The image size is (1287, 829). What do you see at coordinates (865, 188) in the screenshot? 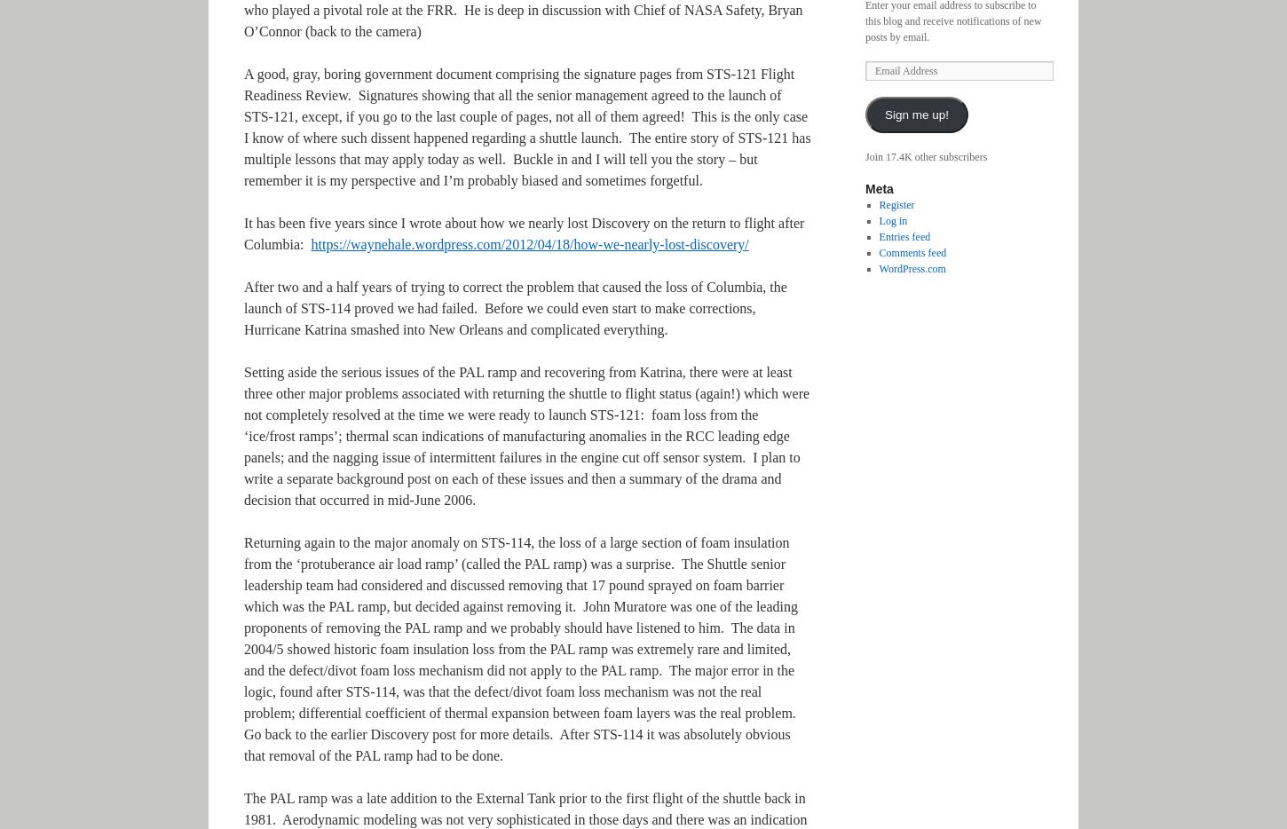
I see `'Meta'` at bounding box center [865, 188].